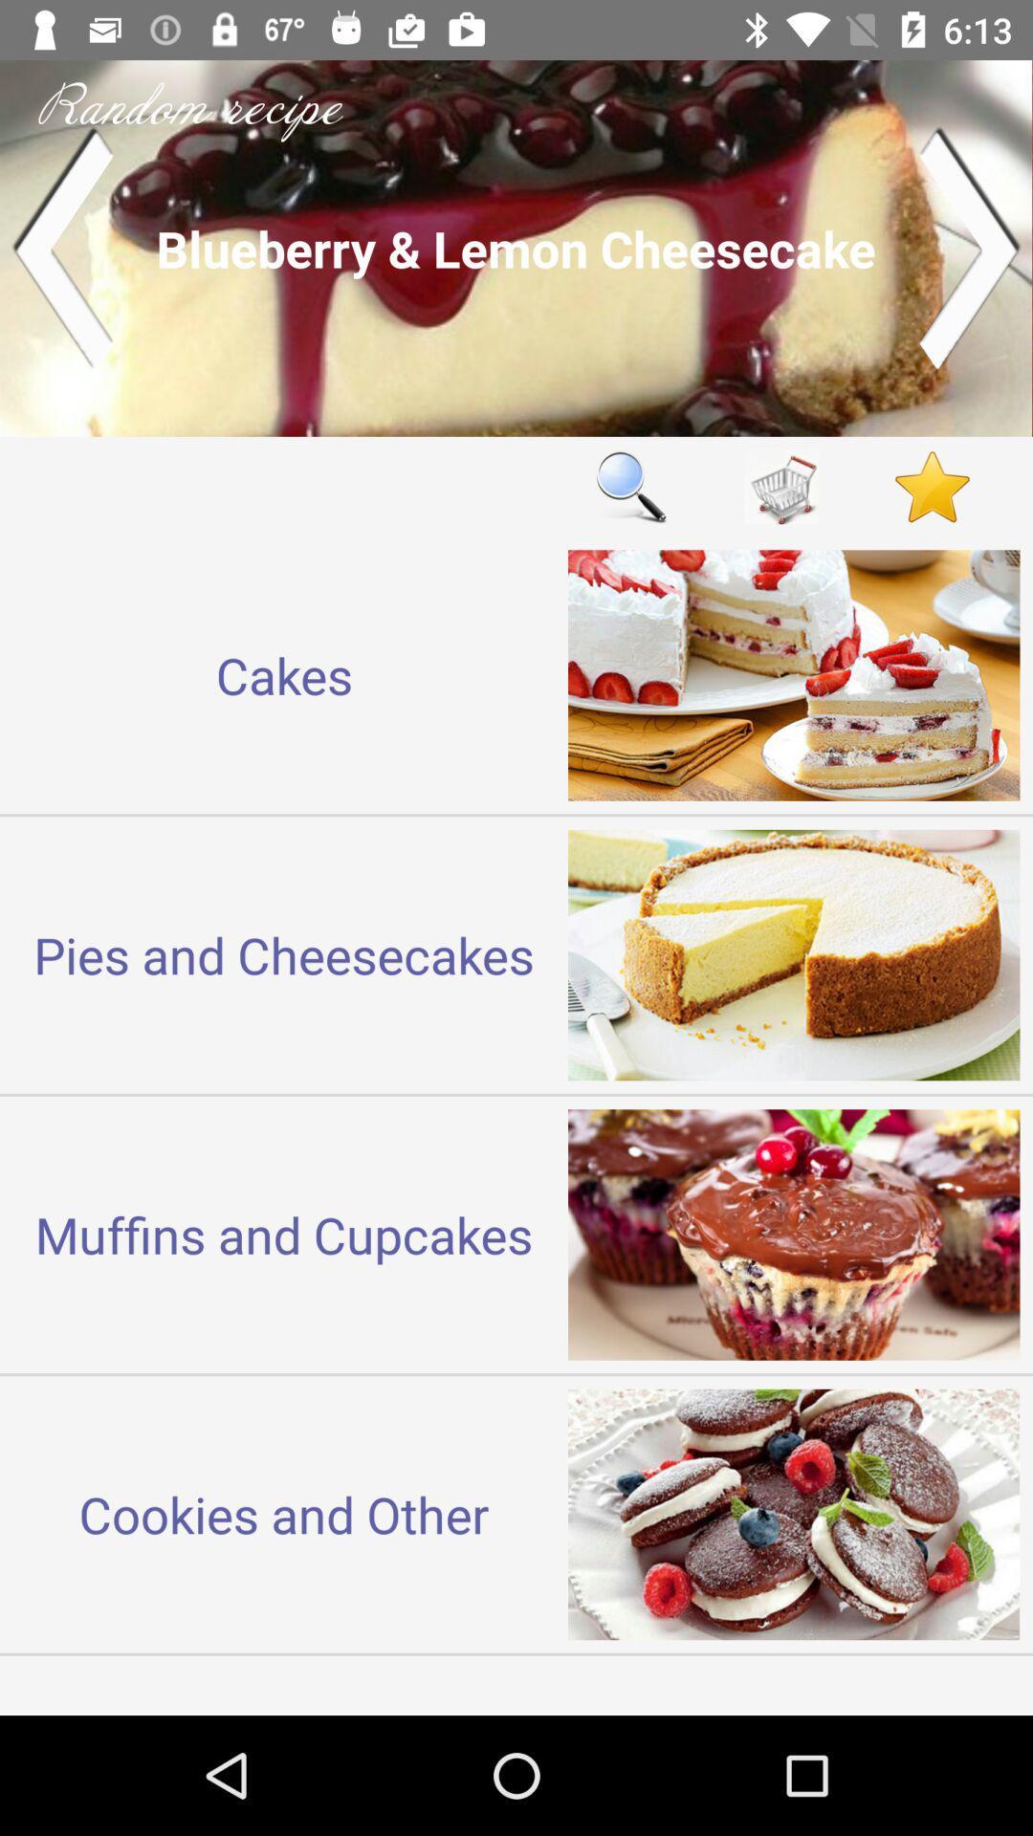  I want to click on icon below muffins and cupcakes item, so click(284, 1513).